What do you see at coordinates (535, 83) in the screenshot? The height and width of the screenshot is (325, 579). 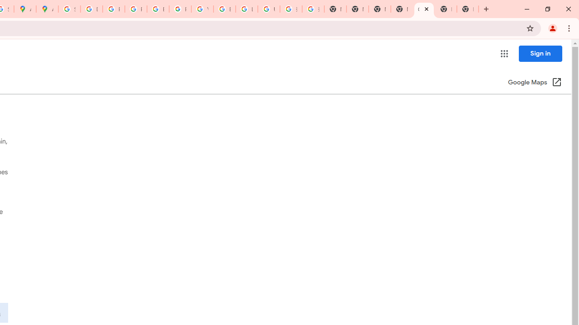 I see `'Google Maps (Open in a new window)'` at bounding box center [535, 83].